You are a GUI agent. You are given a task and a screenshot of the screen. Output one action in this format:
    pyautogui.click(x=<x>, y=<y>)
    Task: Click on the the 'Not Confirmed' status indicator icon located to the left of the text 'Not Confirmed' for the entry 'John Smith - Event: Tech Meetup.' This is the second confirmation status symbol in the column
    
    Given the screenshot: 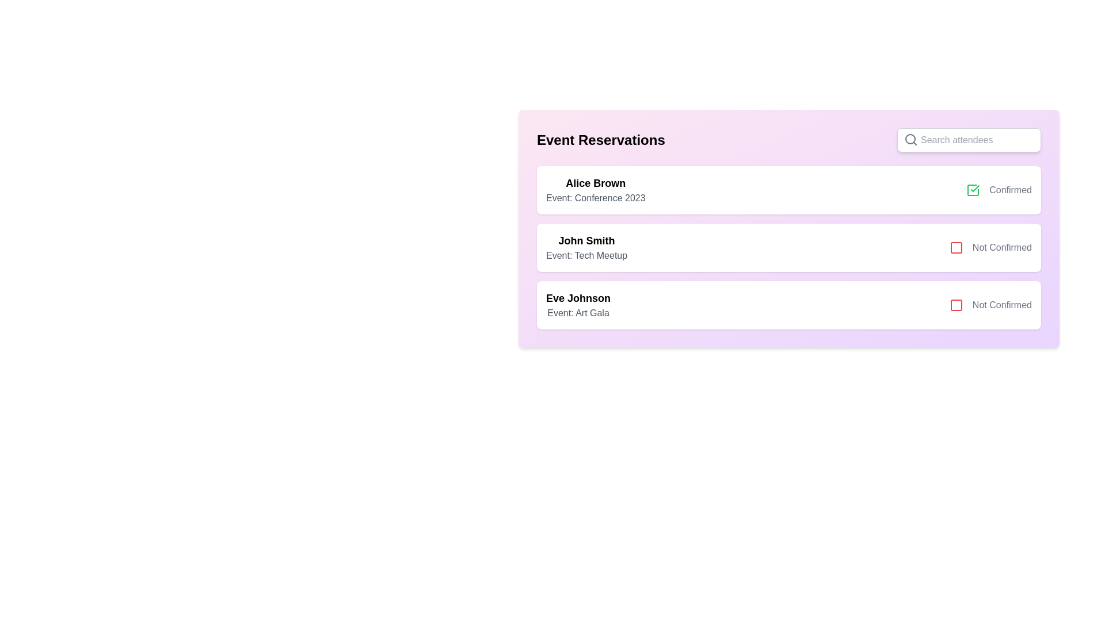 What is the action you would take?
    pyautogui.click(x=956, y=247)
    